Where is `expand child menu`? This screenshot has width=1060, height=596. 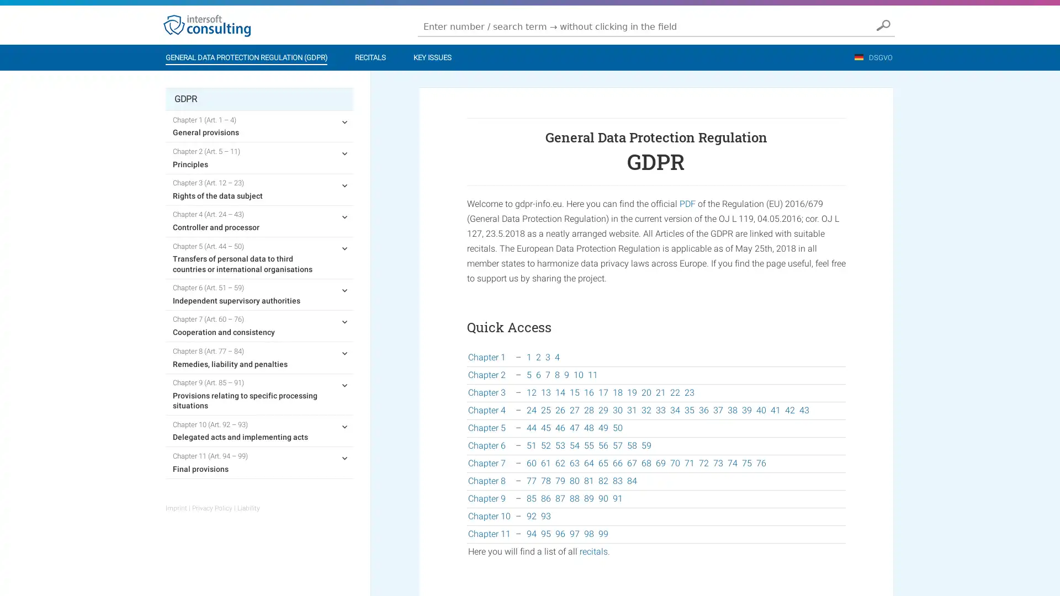 expand child menu is located at coordinates (344, 321).